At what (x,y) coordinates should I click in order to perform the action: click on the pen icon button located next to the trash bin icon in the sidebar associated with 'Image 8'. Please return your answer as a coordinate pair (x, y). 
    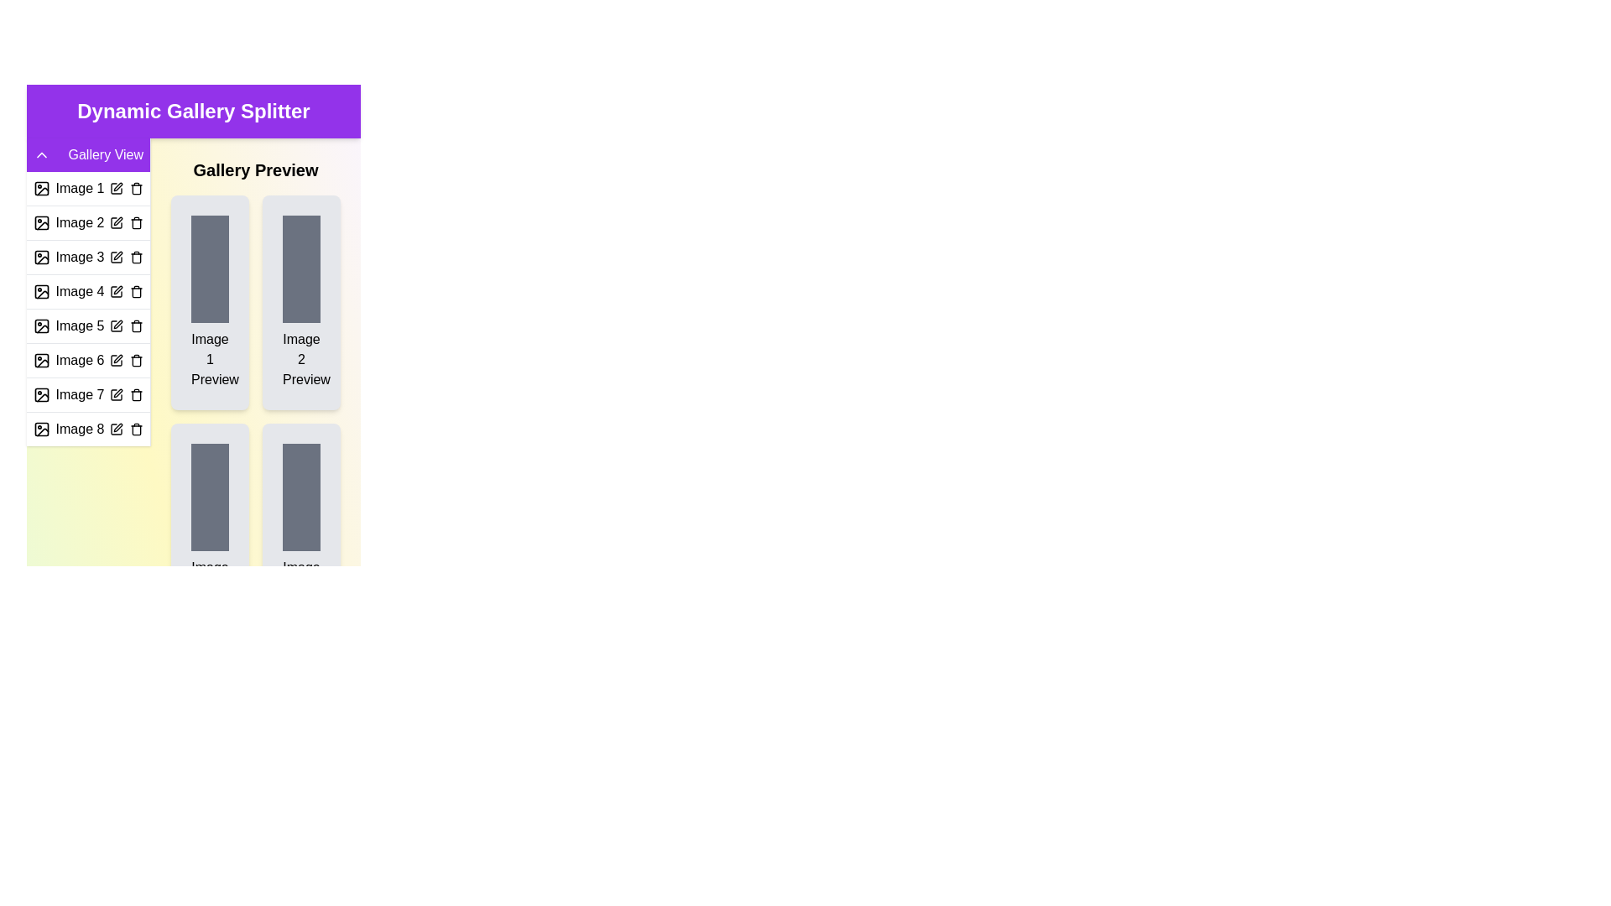
    Looking at the image, I should click on (117, 426).